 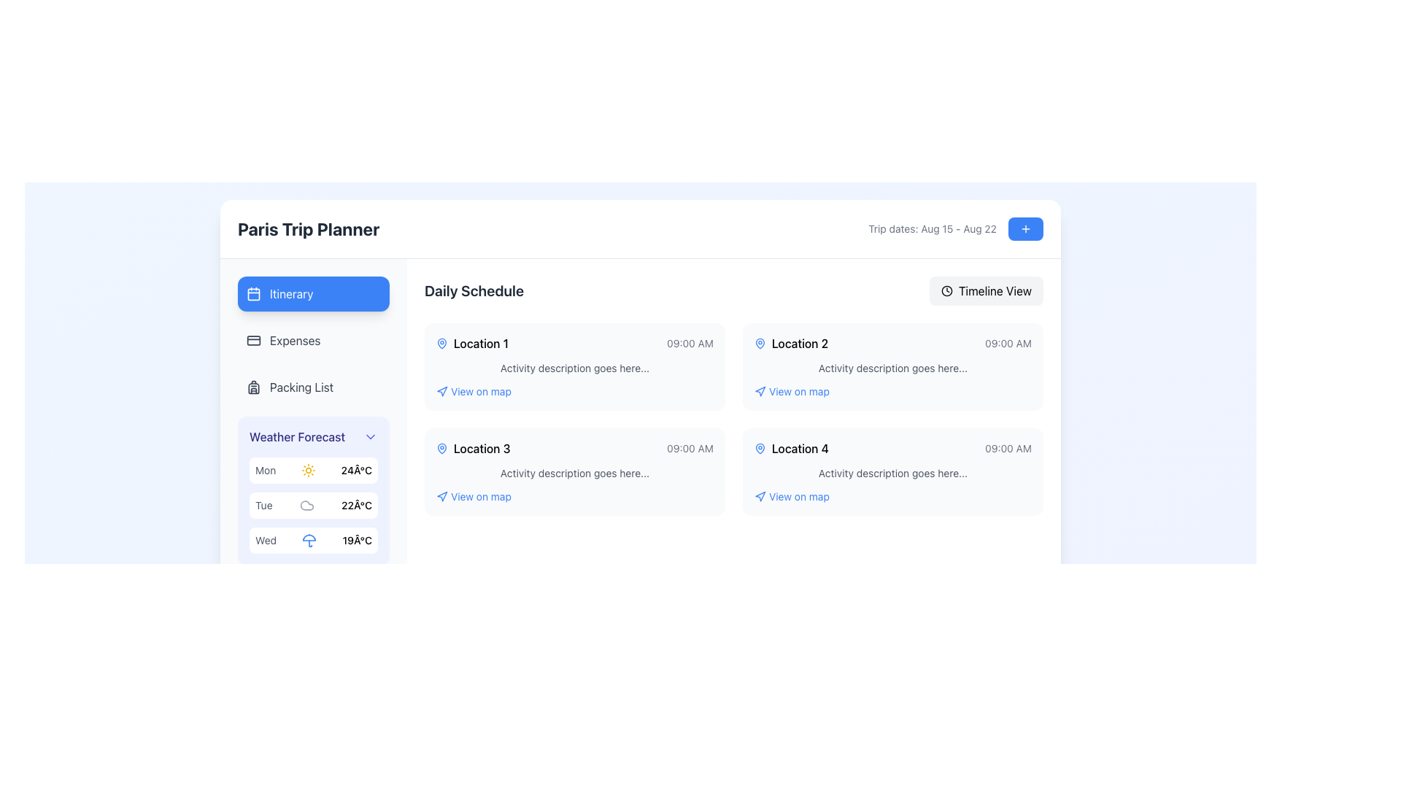 What do you see at coordinates (946, 290) in the screenshot?
I see `the 'Timeline View' icon located at the top-right corner of the interface` at bounding box center [946, 290].